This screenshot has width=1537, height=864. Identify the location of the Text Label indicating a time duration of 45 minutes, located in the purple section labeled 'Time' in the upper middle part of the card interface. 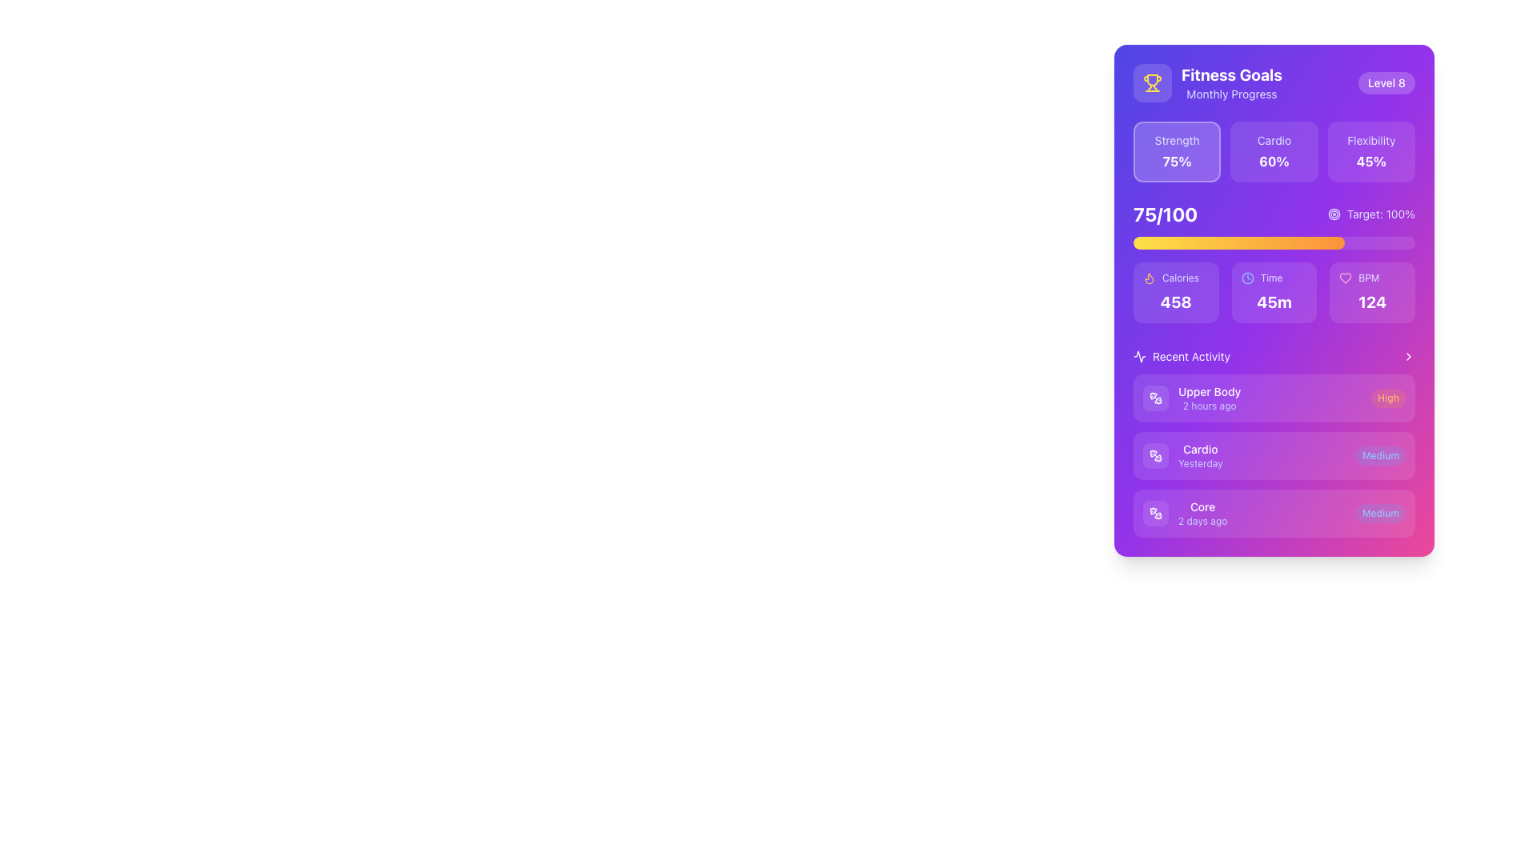
(1274, 302).